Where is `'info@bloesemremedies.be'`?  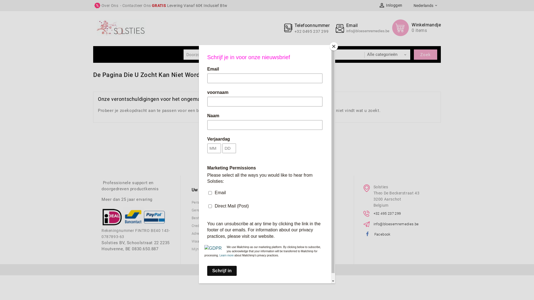 'info@bloesemremedies.be' is located at coordinates (368, 31).